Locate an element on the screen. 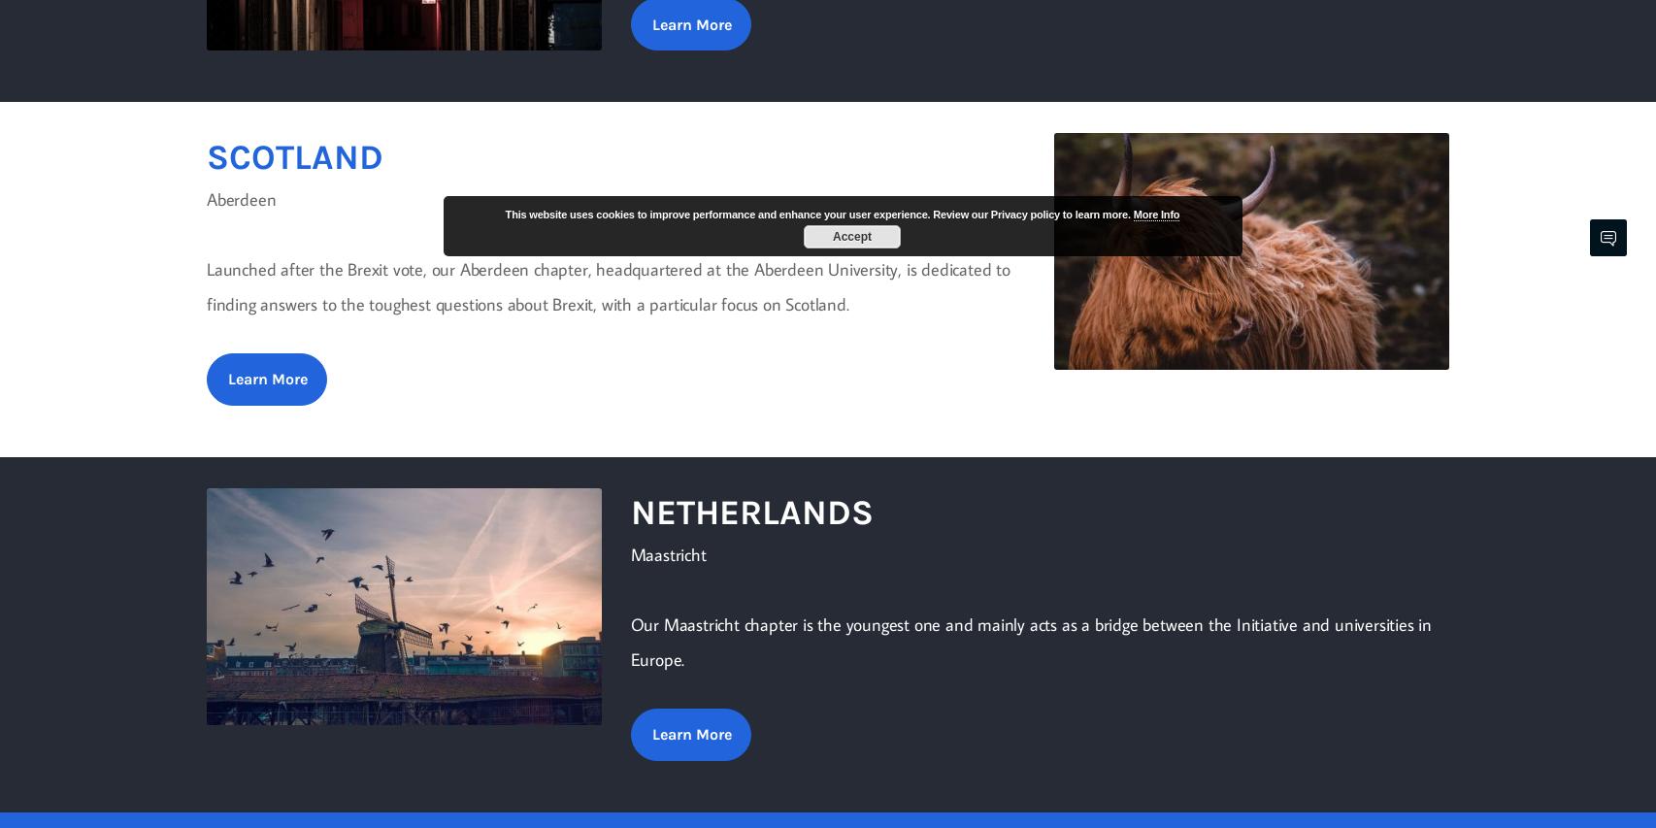 This screenshot has height=828, width=1656. 'Our Maastricht chapter is the youngest one and mainly acts as a bridge between the Initiative and universities in Europe.' is located at coordinates (1030, 640).